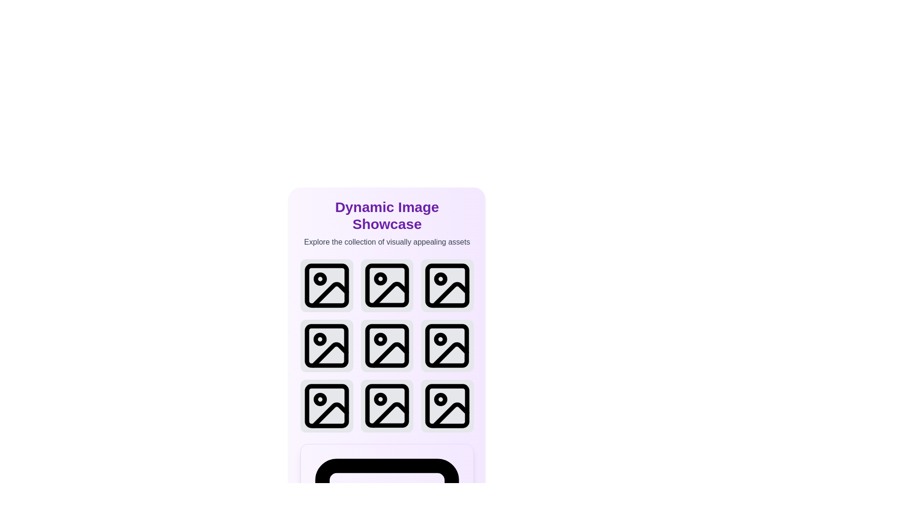  I want to click on the grid cell containing the image placeholder in the visual gallery, so click(387, 346).